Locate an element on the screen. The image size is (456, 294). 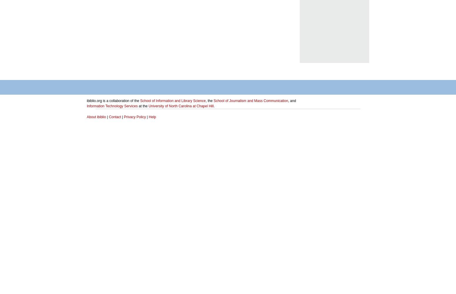
'Contact' is located at coordinates (115, 117).